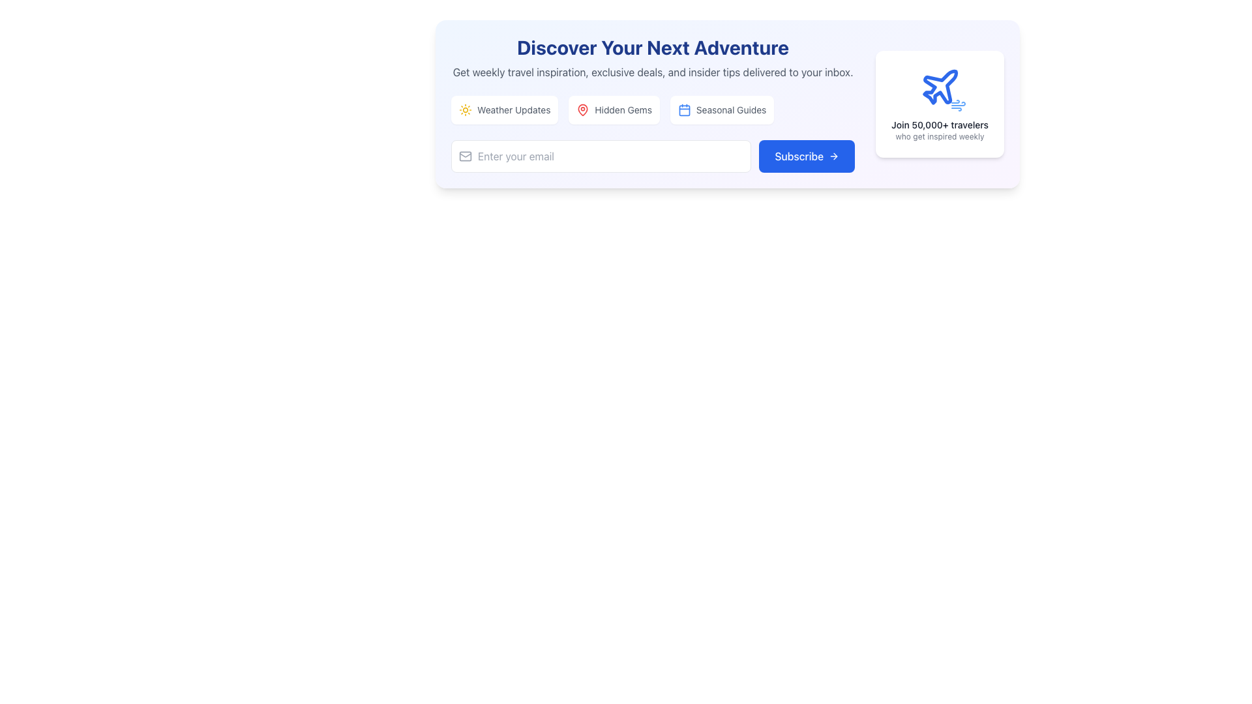 This screenshot has width=1252, height=704. I want to click on the chevron arrow icon oriented to the right located at the bottom right of the 'Subscribe' button, so click(835, 155).